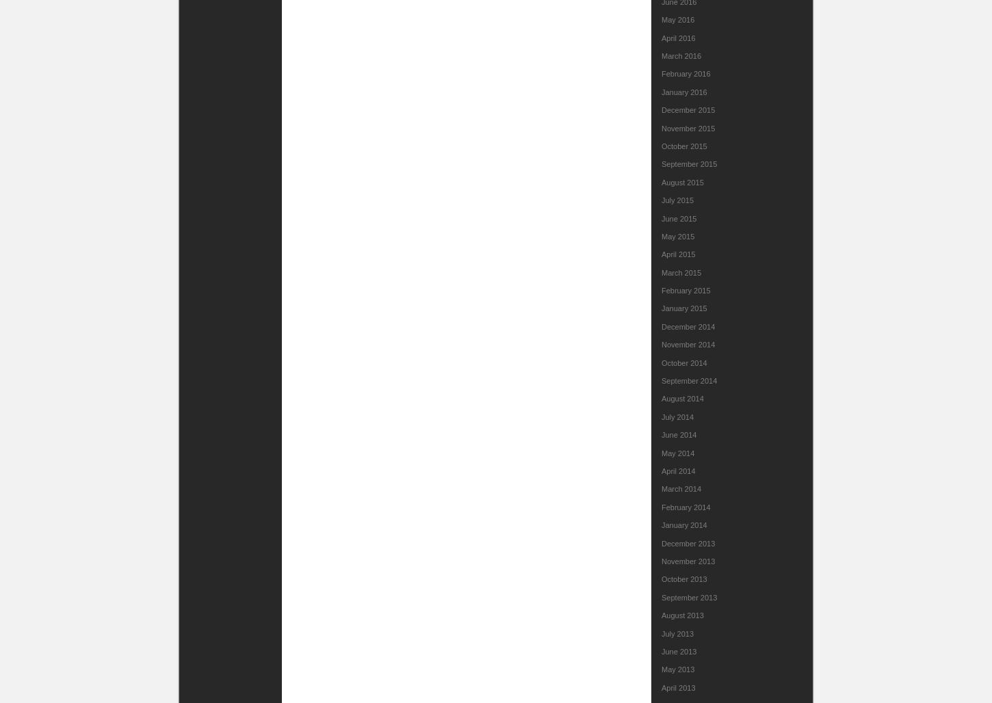 The height and width of the screenshot is (703, 992). Describe the element at coordinates (679, 651) in the screenshot. I see `'June 2013'` at that location.